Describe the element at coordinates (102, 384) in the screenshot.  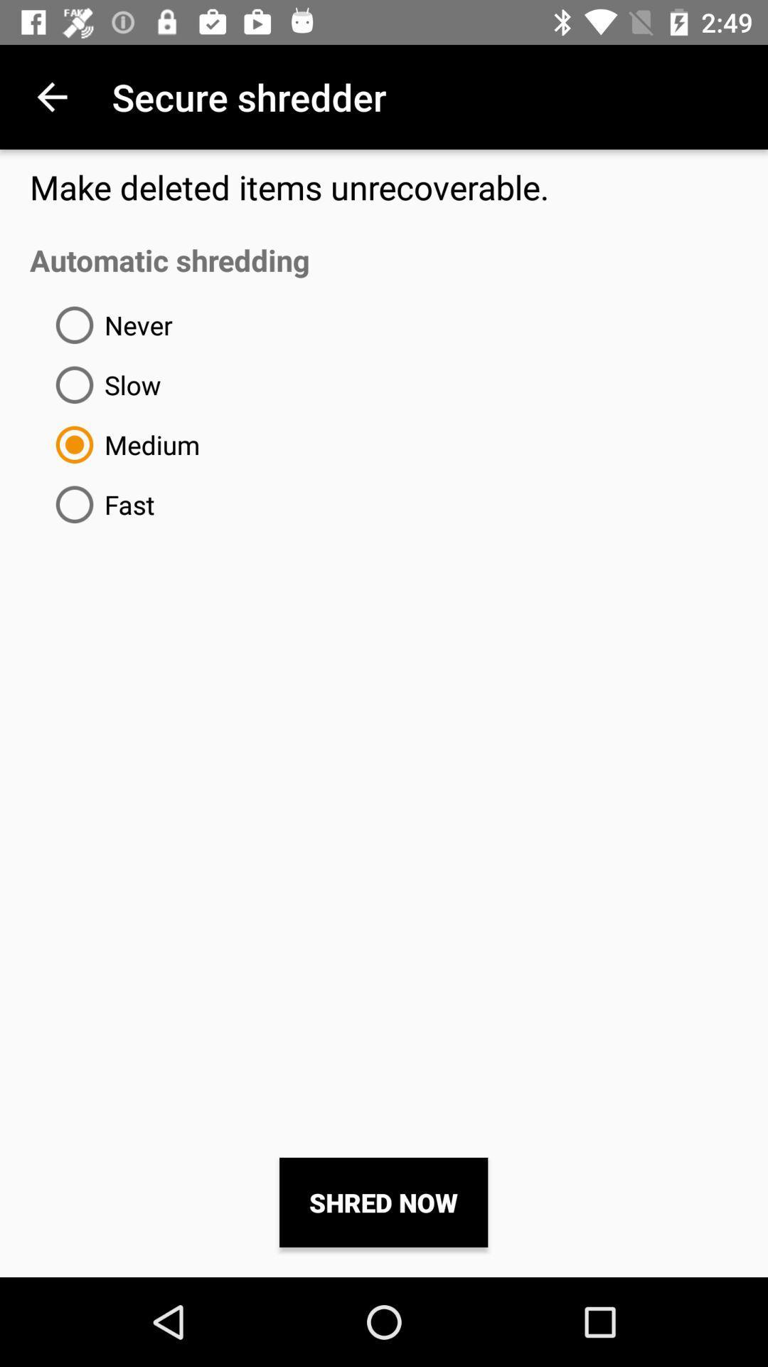
I see `the slow` at that location.